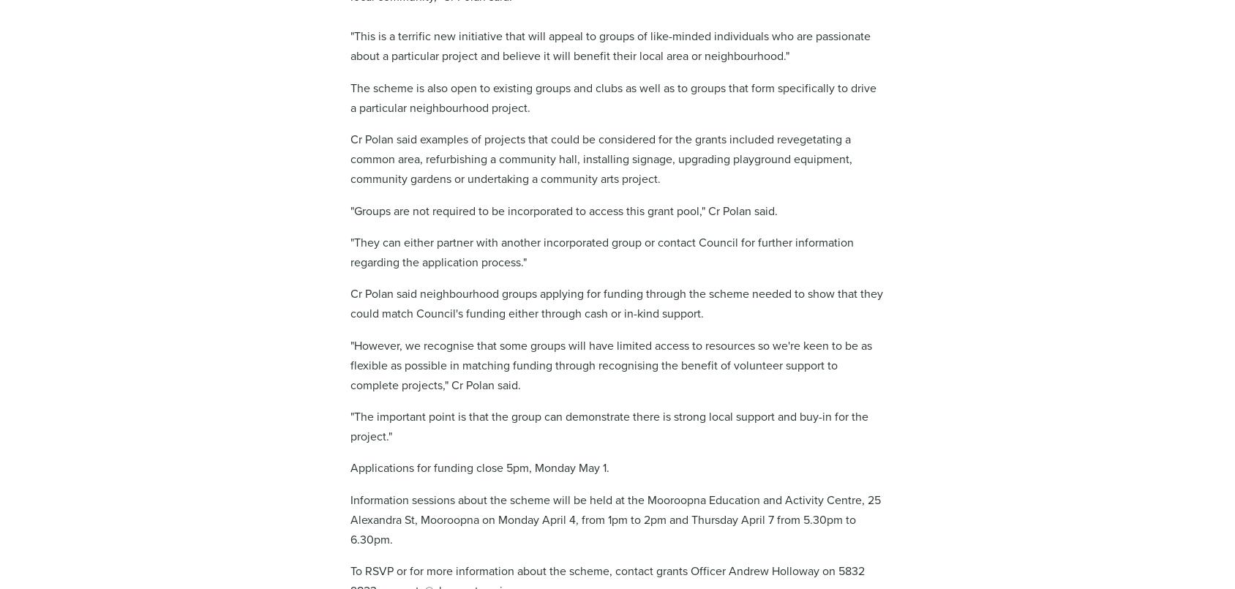 The image size is (1235, 589). I want to click on 'Information sessions about the scheme will be held at the Mooroopna Education and Activity Centre, 25 Alexandra St, Mooroopna on Monday April 4, from 1pm to 2pm and Thursday April 7 from 5.30pm to 6.30pm.', so click(615, 519).